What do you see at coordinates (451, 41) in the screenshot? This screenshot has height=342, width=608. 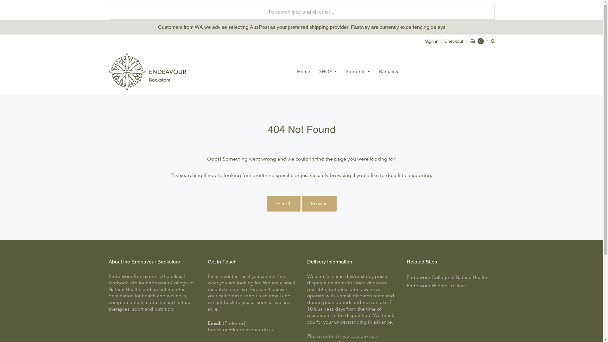 I see `'Checkout'` at bounding box center [451, 41].